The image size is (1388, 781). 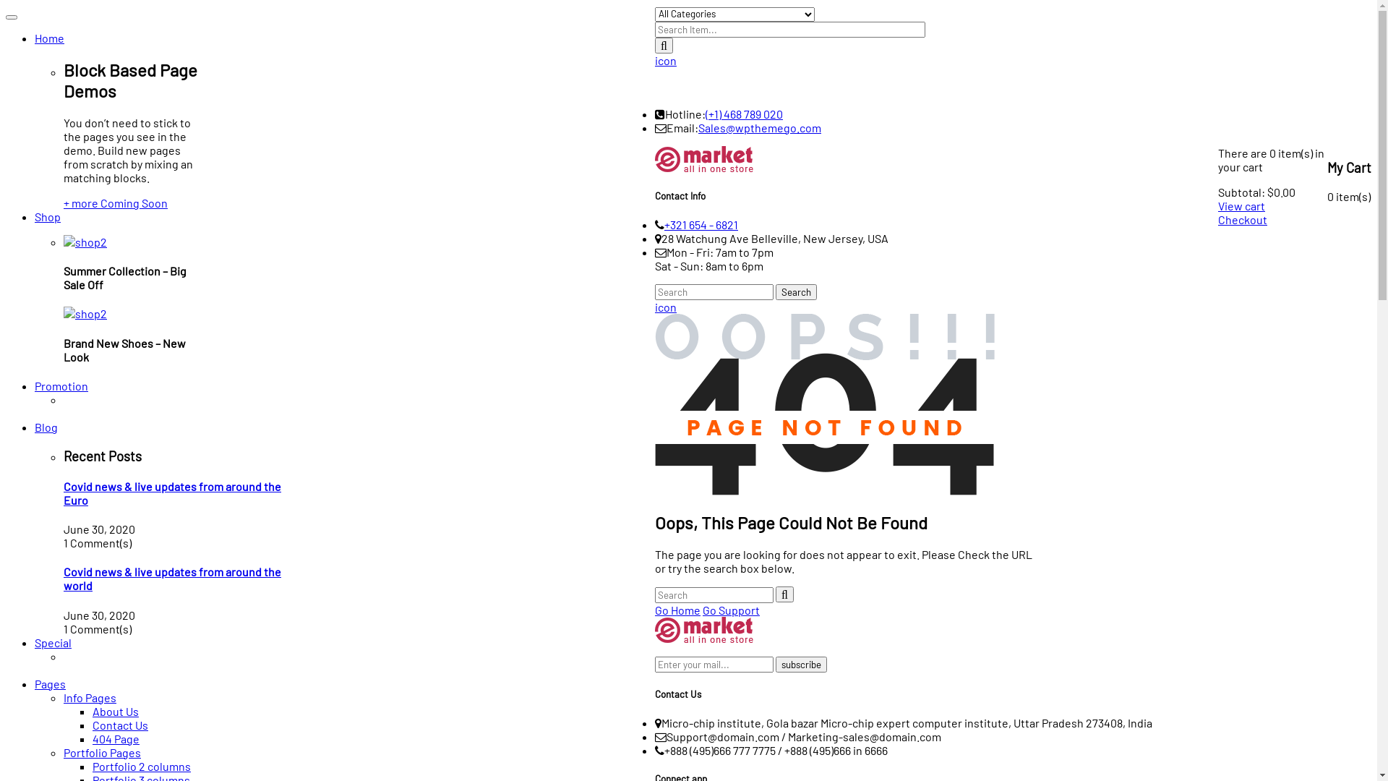 What do you see at coordinates (677, 610) in the screenshot?
I see `'Go Home'` at bounding box center [677, 610].